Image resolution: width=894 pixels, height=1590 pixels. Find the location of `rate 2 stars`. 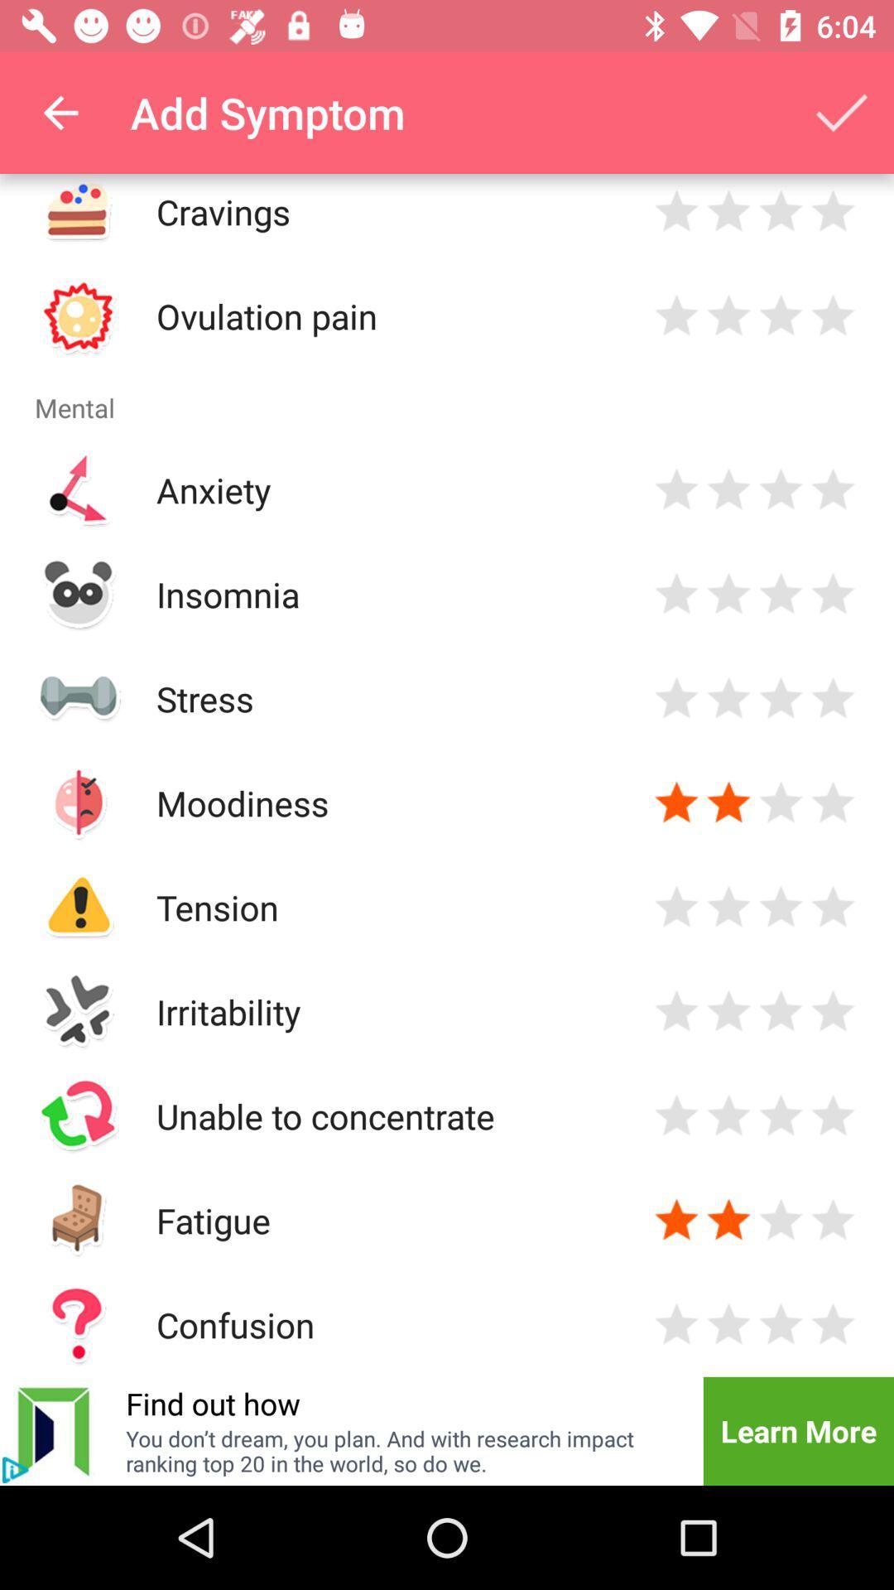

rate 2 stars is located at coordinates (728, 1323).